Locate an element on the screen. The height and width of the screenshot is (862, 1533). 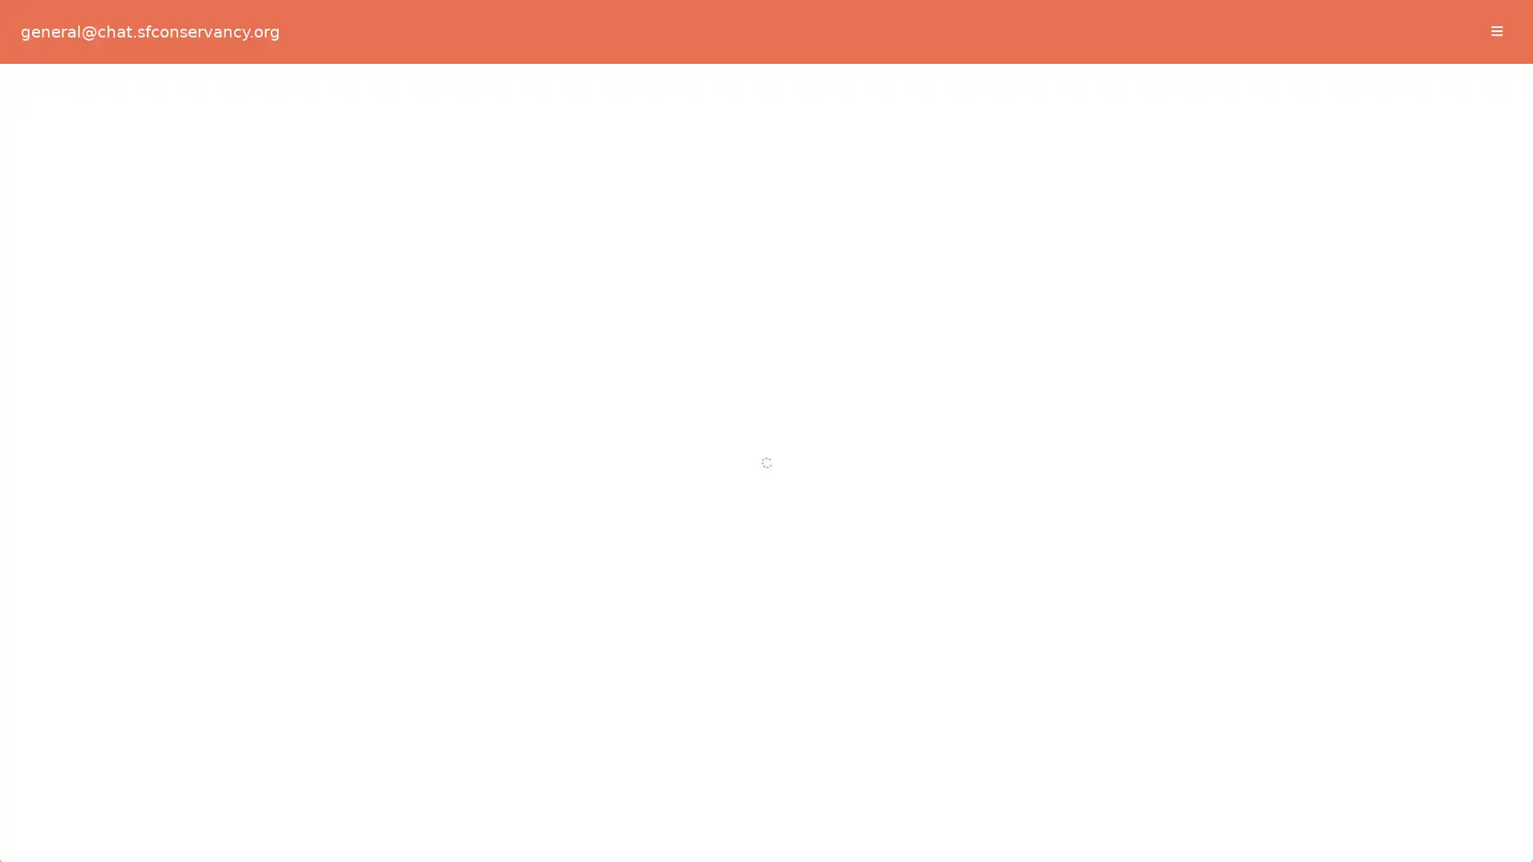
Enter groupchat is located at coordinates (765, 354).